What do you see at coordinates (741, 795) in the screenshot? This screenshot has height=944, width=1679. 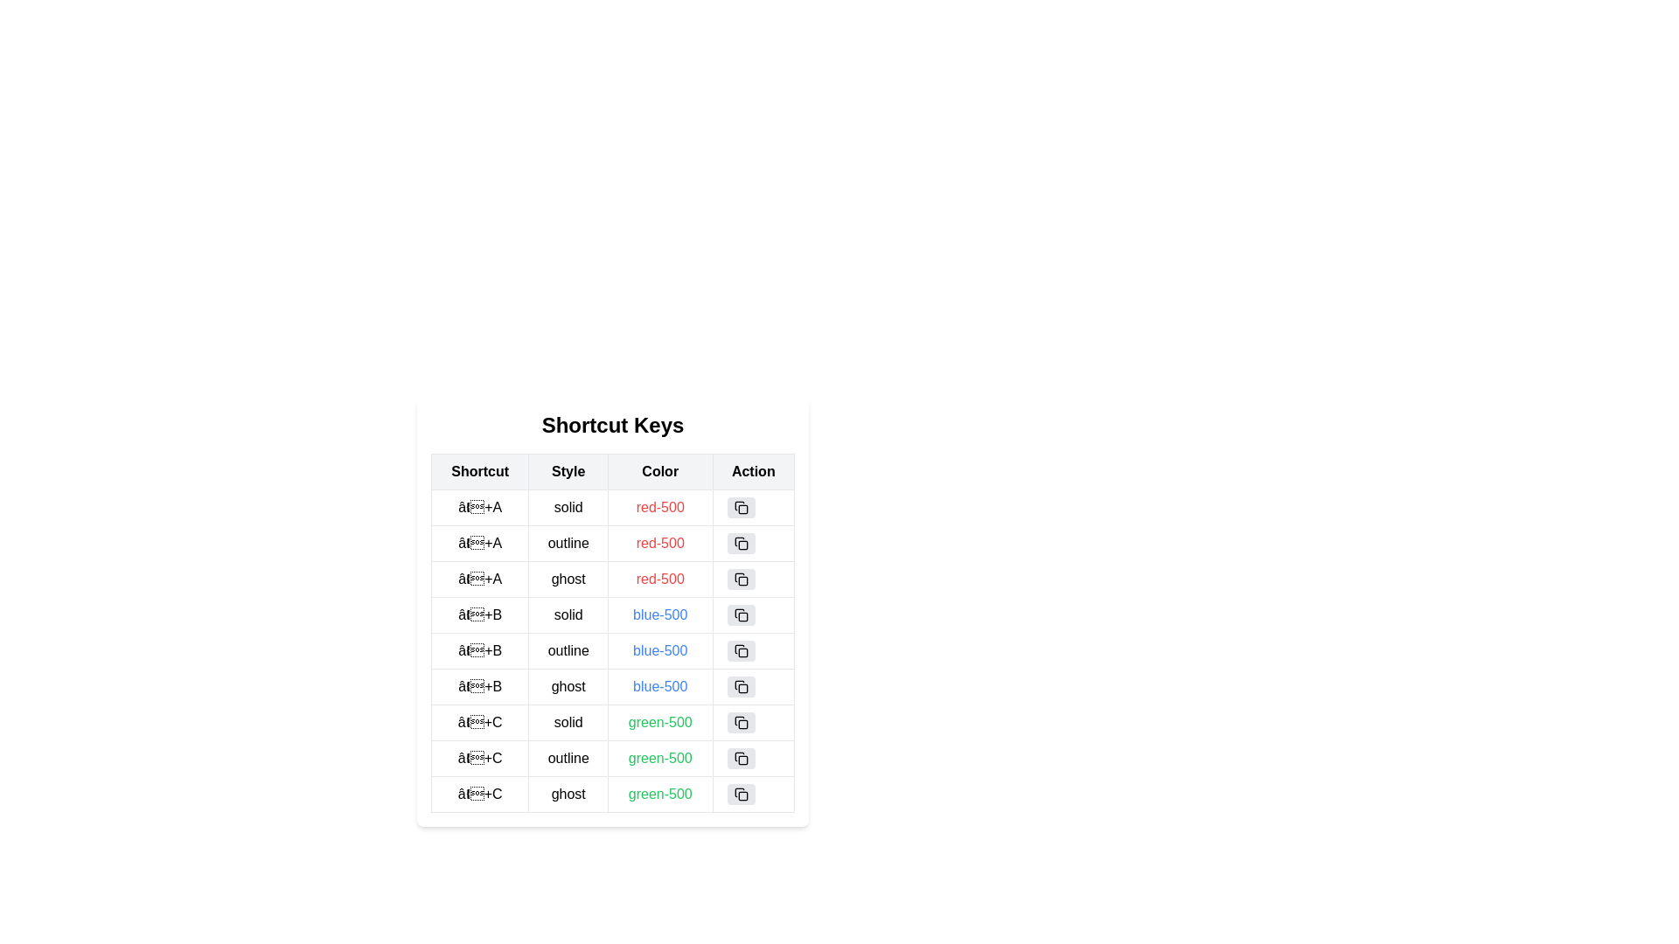 I see `the button with a light gray background and a dark overlapping papers icon located at the bottom-right corner of the last row in the 'Action' column of the table to copy the information` at bounding box center [741, 795].